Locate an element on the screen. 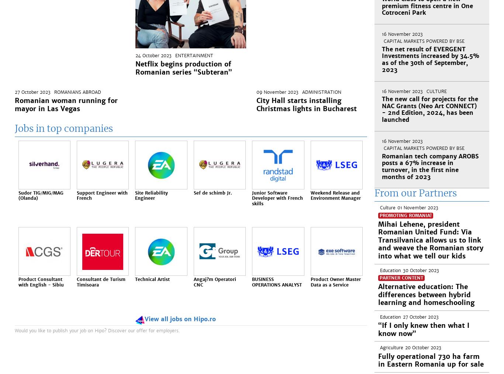 The height and width of the screenshot is (374, 504). '30 October 2023' is located at coordinates (421, 270).